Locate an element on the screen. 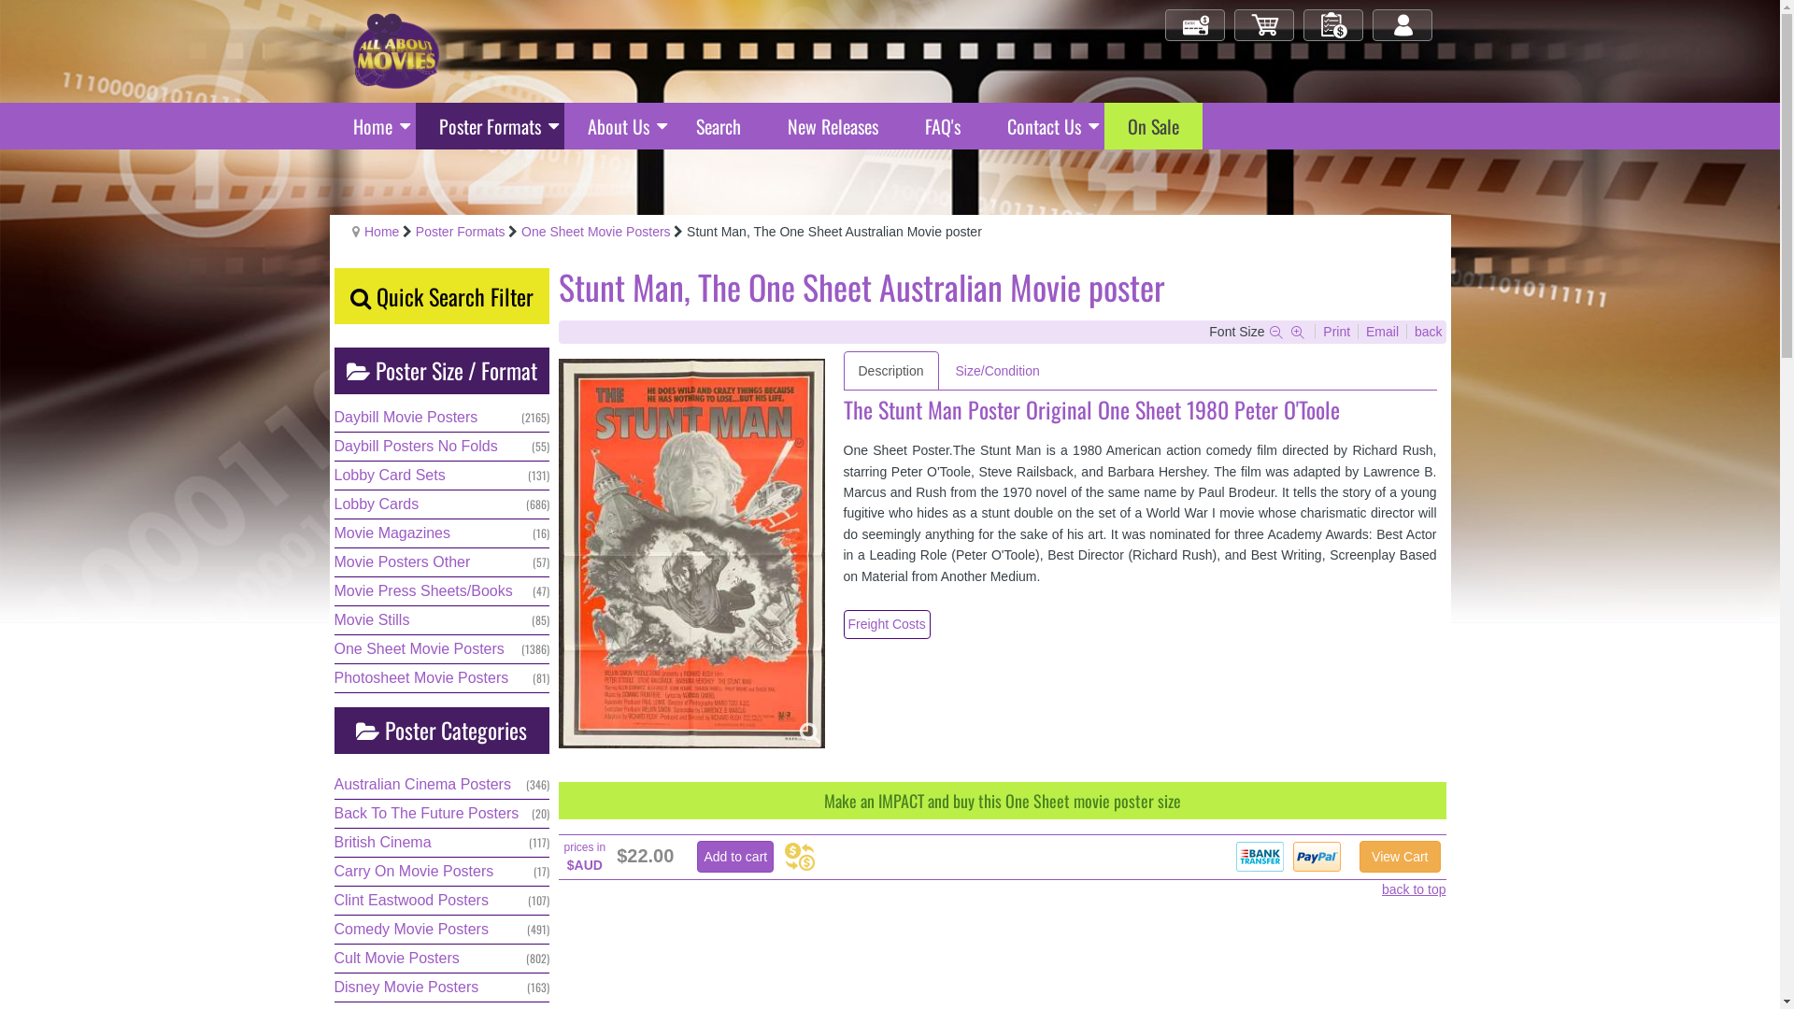 This screenshot has height=1009, width=1794. 'Movie Stills is located at coordinates (441, 619).